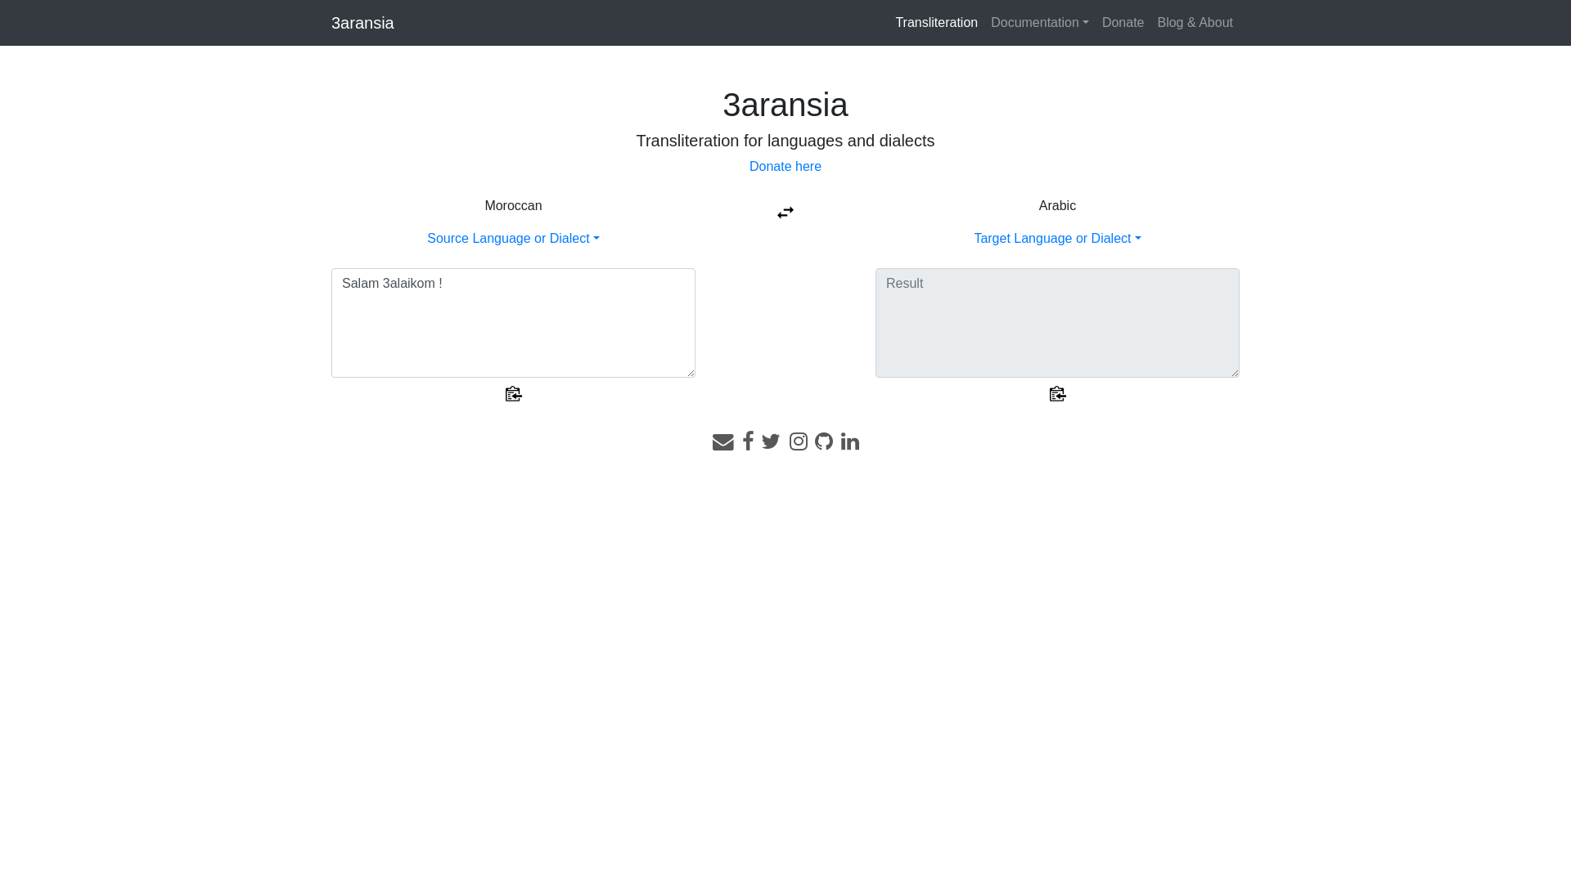  I want to click on 'Target Language or Dialect', so click(1056, 238).